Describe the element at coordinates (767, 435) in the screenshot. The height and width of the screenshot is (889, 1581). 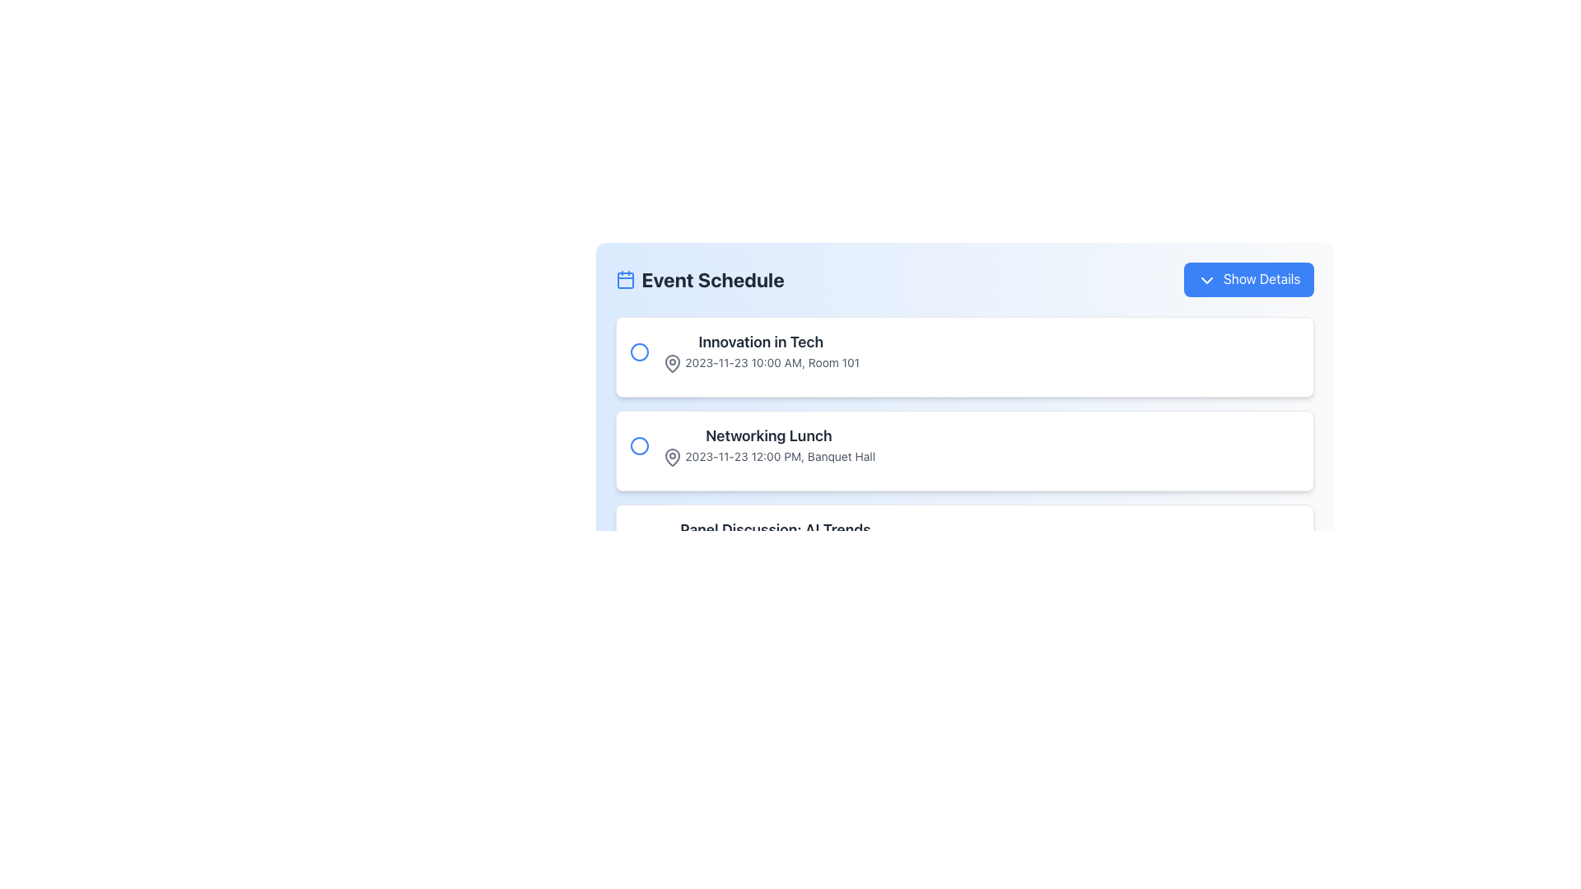
I see `the bolded text label displaying 'Networking Lunch', which is styled with a larger font size and dark gray color, located above the text '2023-11-23 12:00 PM, Banquet Hall'` at that location.